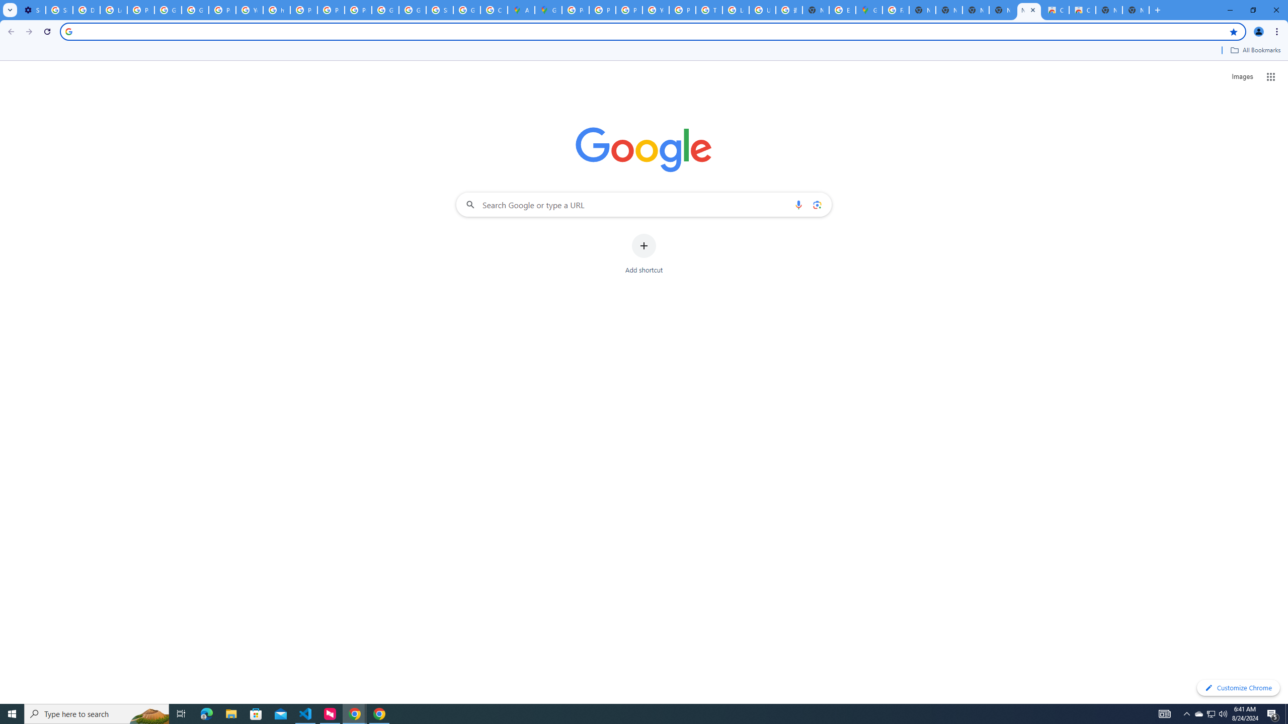 Image resolution: width=1288 pixels, height=724 pixels. Describe the element at coordinates (1136, 10) in the screenshot. I see `'New Tab'` at that location.